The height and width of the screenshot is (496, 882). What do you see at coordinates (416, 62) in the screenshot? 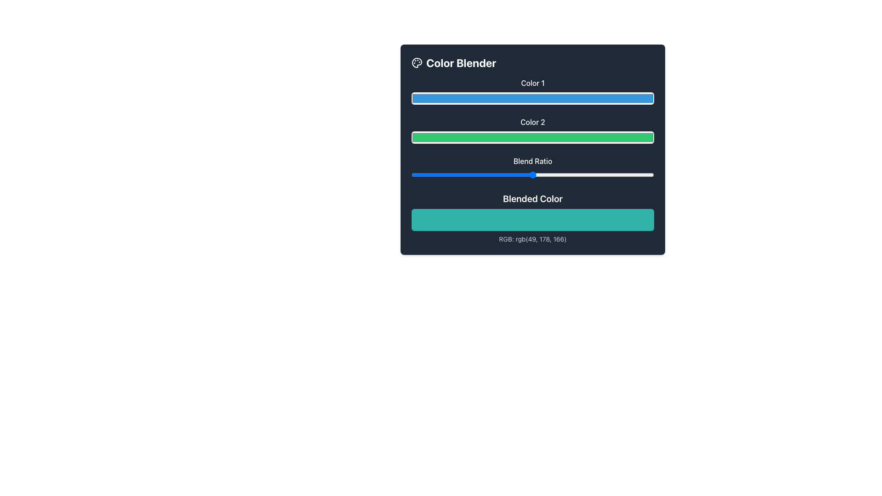
I see `the palette icon located at the top-left portion of the 'Color Blender' section, which resembles a circular base with four small dots along its edge` at bounding box center [416, 62].